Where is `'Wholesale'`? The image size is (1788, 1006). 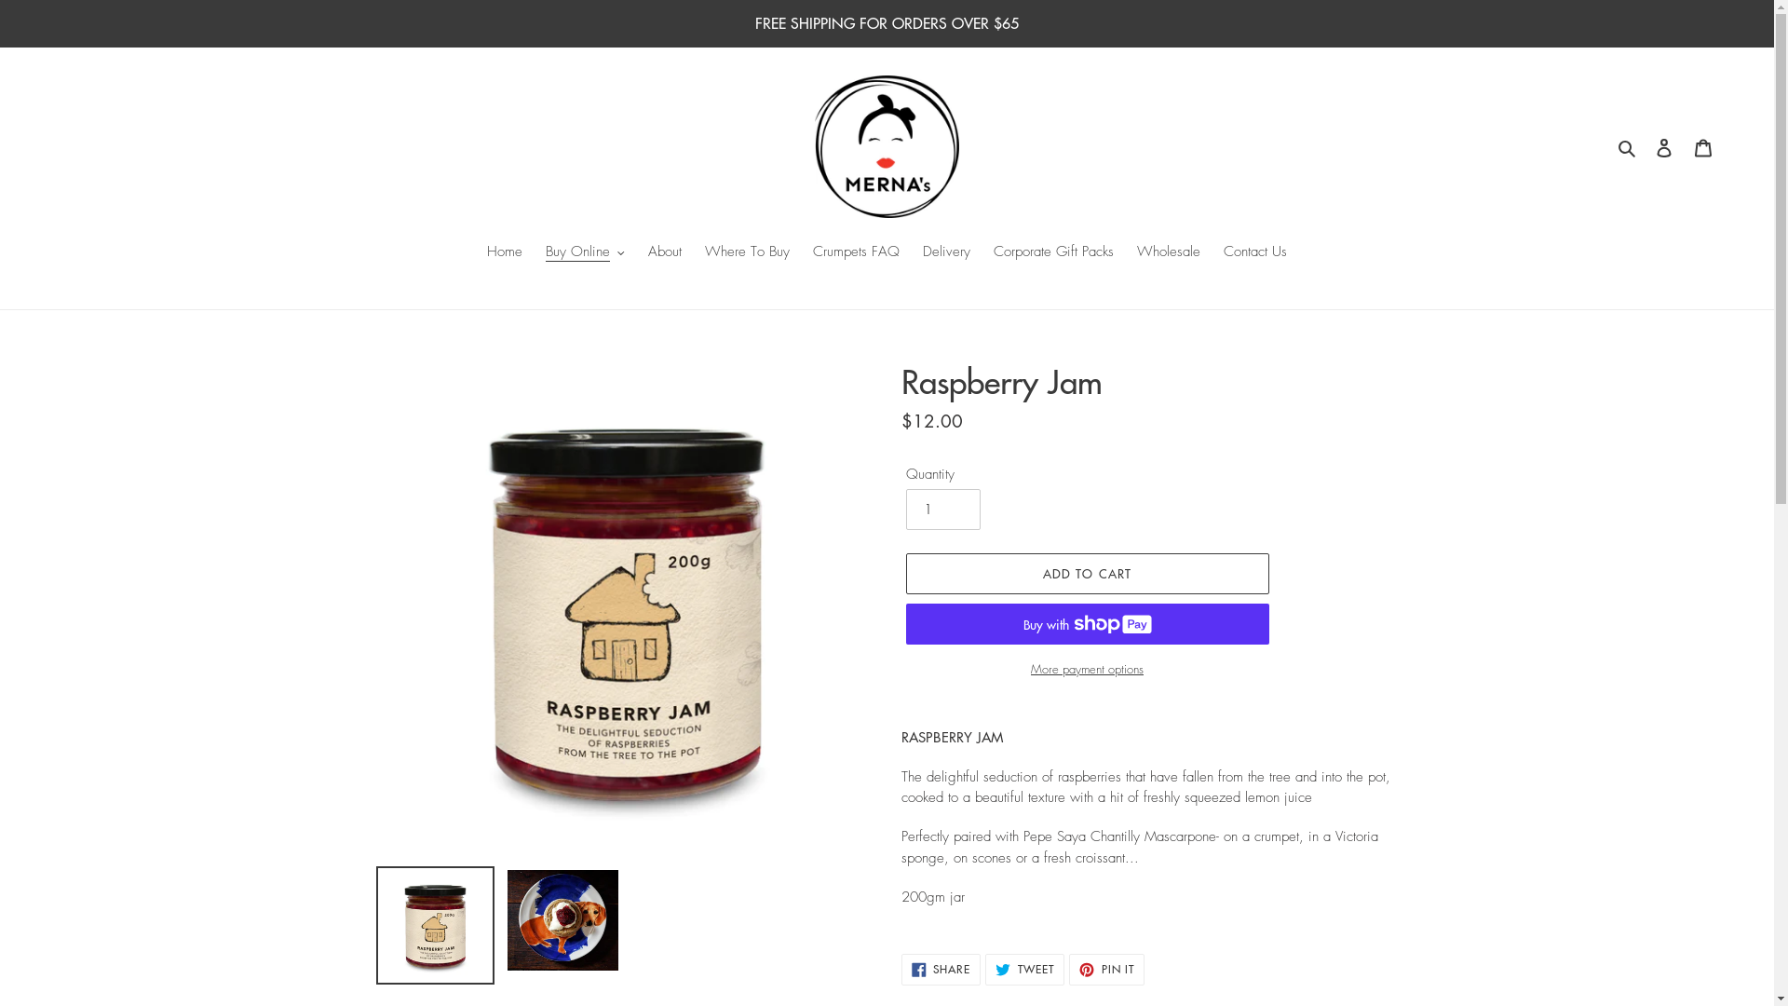 'Wholesale' is located at coordinates (1167, 253).